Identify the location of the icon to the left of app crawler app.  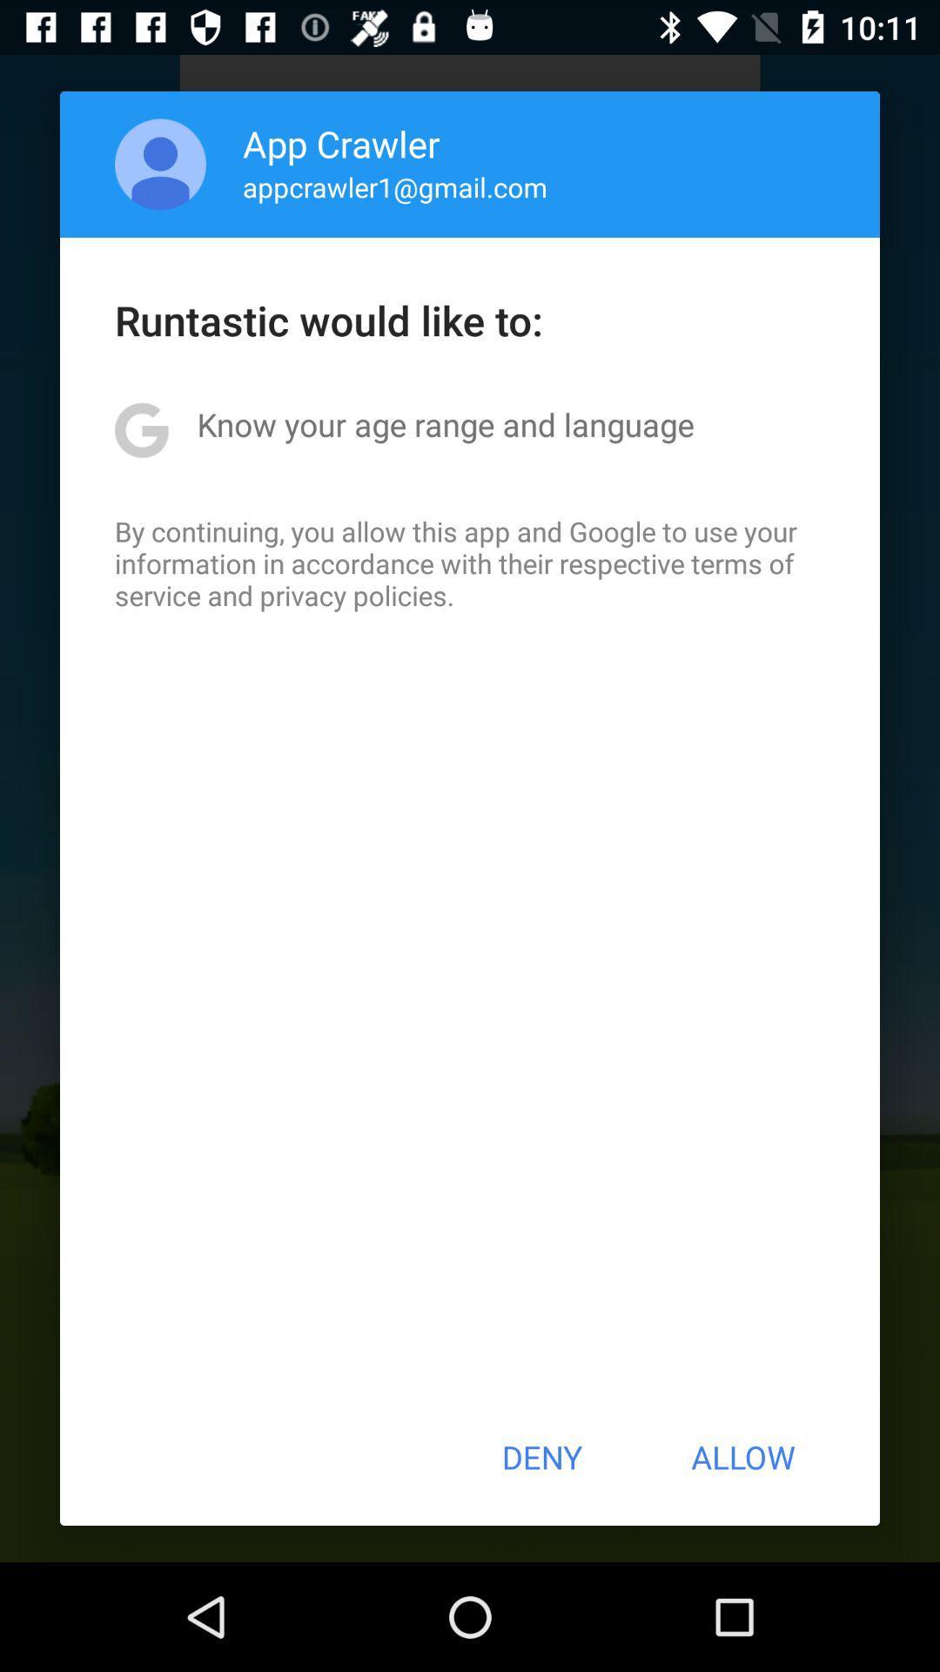
(160, 164).